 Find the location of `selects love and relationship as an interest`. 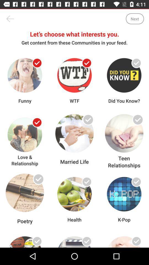

selects love and relationship as an interest is located at coordinates (37, 122).